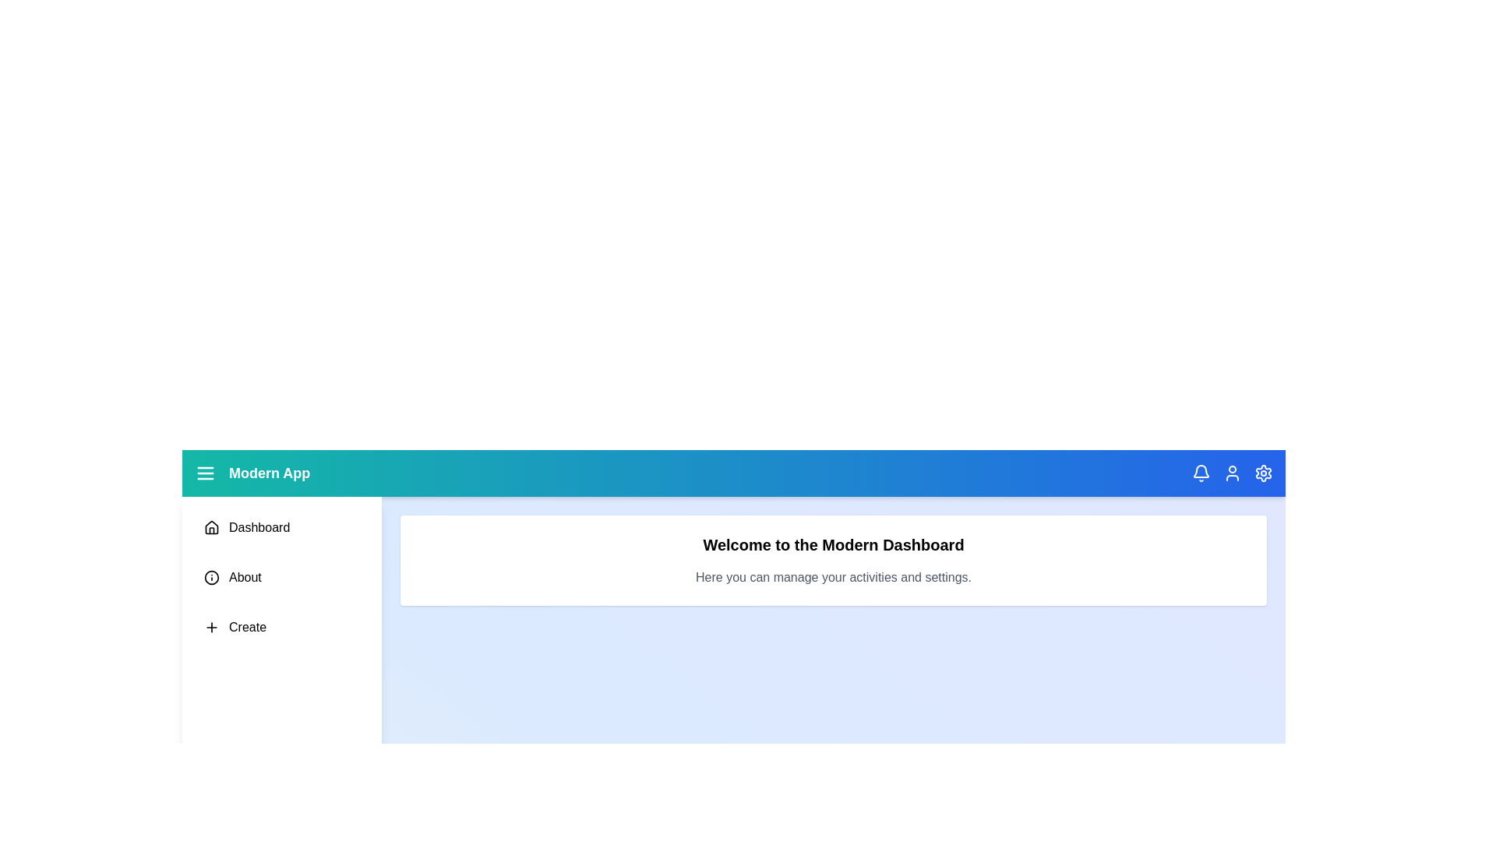 This screenshot has width=1496, height=841. I want to click on the menu item Create from the sidebar, so click(281, 627).